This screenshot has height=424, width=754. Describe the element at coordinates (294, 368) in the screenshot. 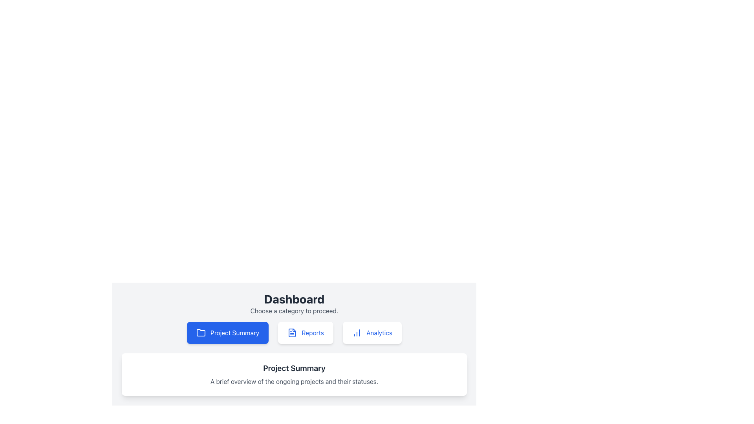

I see `the heading label that summarizes the content area, located centrally within the lower card area of the interface` at that location.